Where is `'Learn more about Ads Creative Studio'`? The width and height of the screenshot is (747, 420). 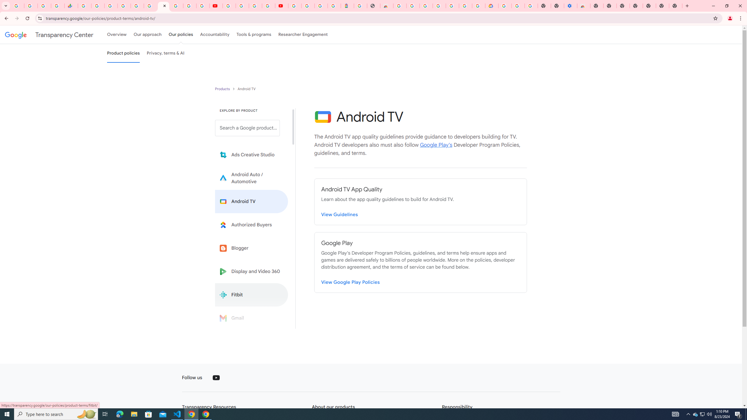
'Learn more about Ads Creative Studio' is located at coordinates (251, 155).